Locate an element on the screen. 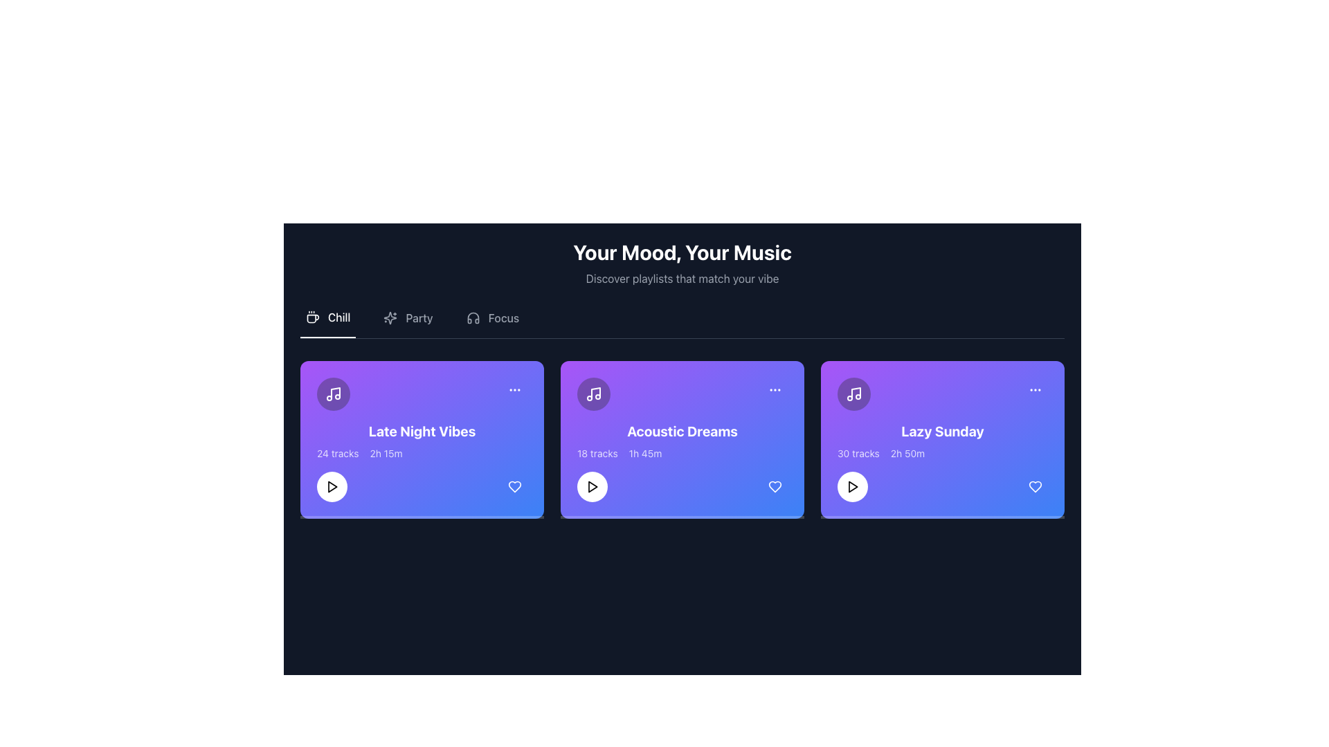  the play button for the 'Lazy Sunday' playlist located at the bottom center of the card, below the playlist description is located at coordinates (852, 486).